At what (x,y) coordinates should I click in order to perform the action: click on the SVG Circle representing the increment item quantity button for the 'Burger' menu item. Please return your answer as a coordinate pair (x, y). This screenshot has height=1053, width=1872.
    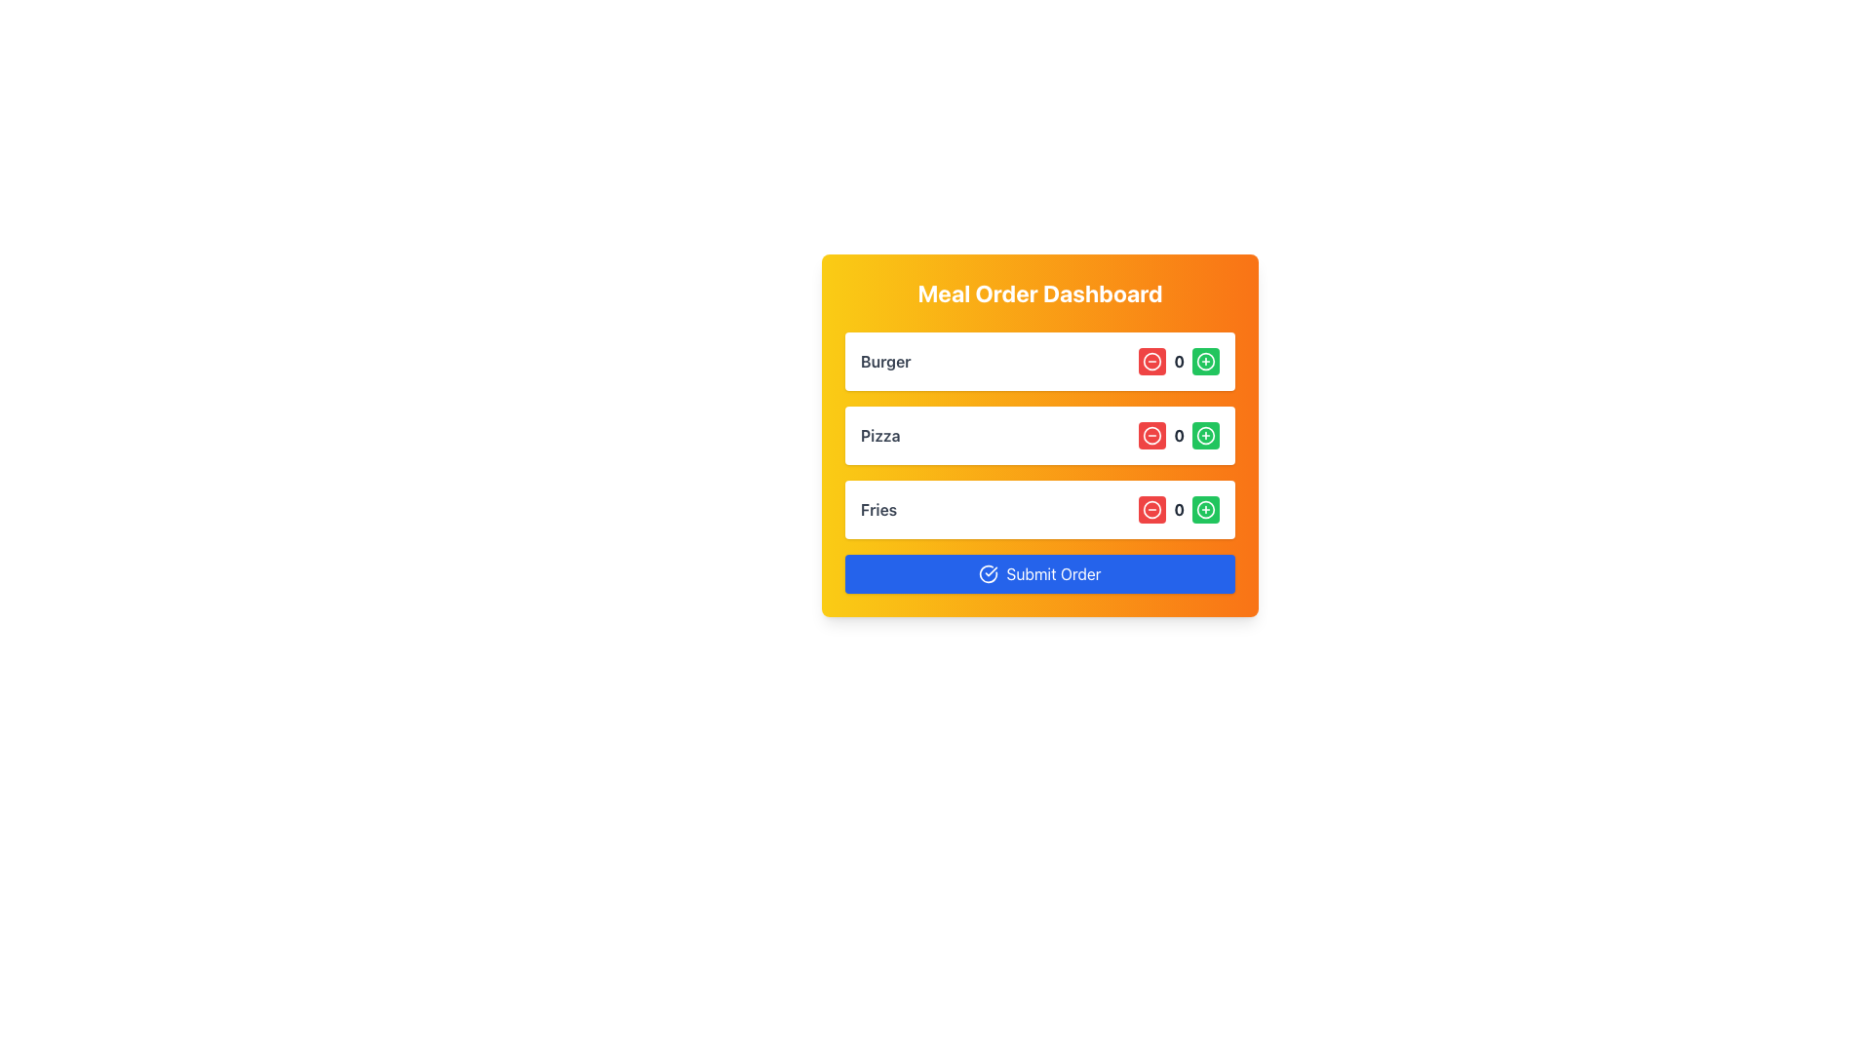
    Looking at the image, I should click on (1205, 361).